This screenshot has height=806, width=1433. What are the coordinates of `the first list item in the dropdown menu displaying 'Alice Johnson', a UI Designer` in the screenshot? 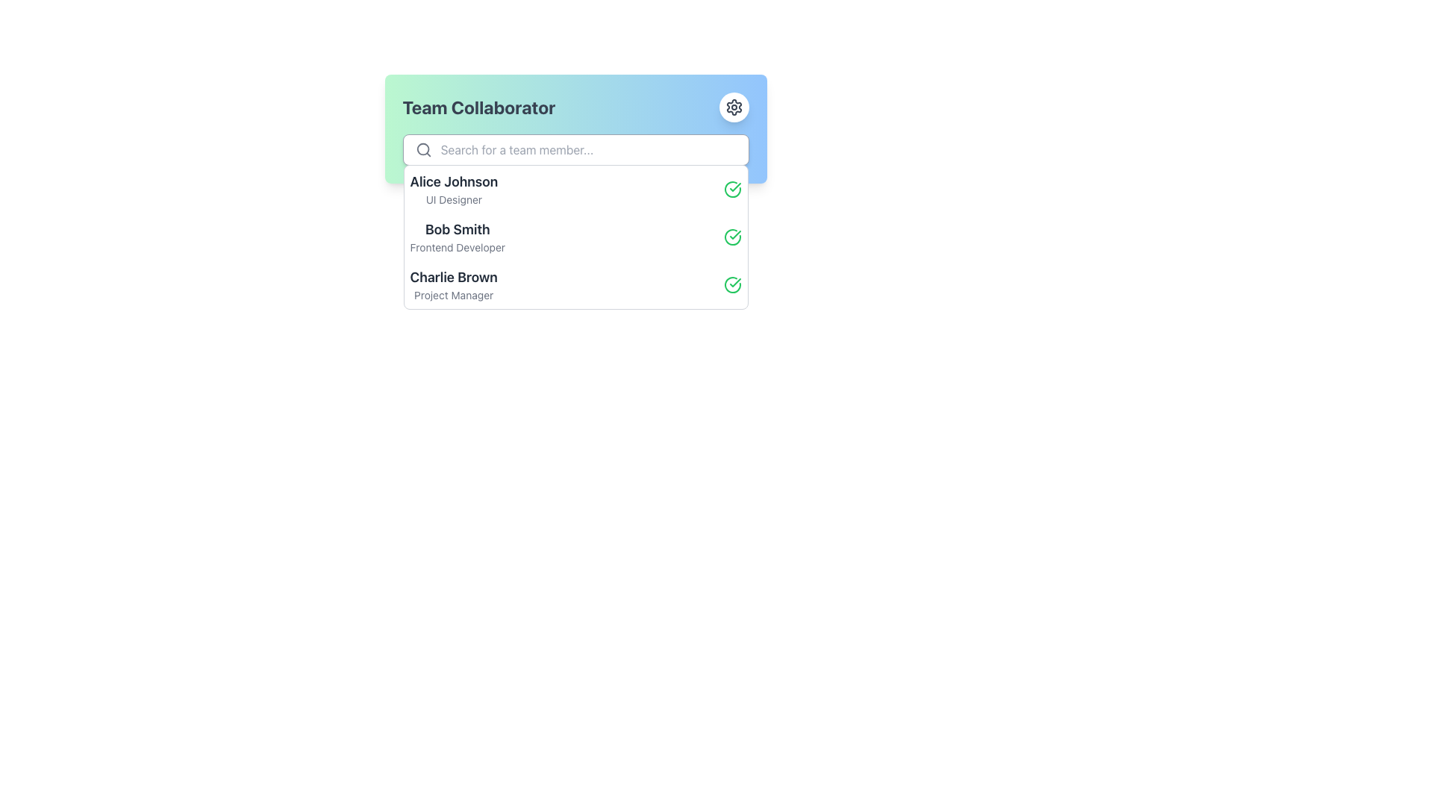 It's located at (575, 189).